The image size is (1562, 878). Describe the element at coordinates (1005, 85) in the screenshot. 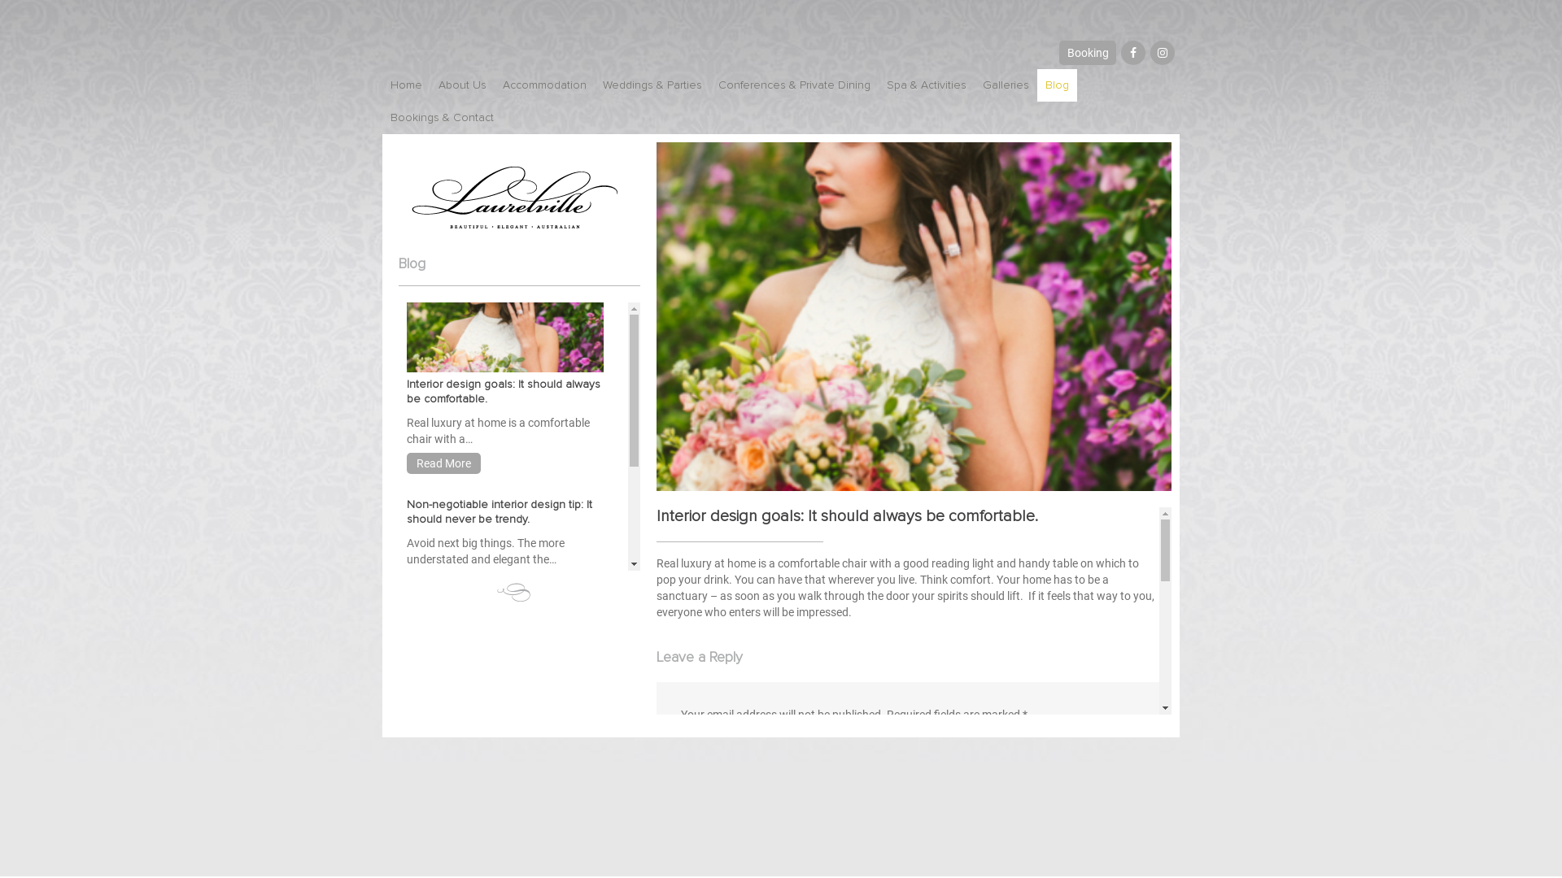

I see `'Galleries'` at that location.